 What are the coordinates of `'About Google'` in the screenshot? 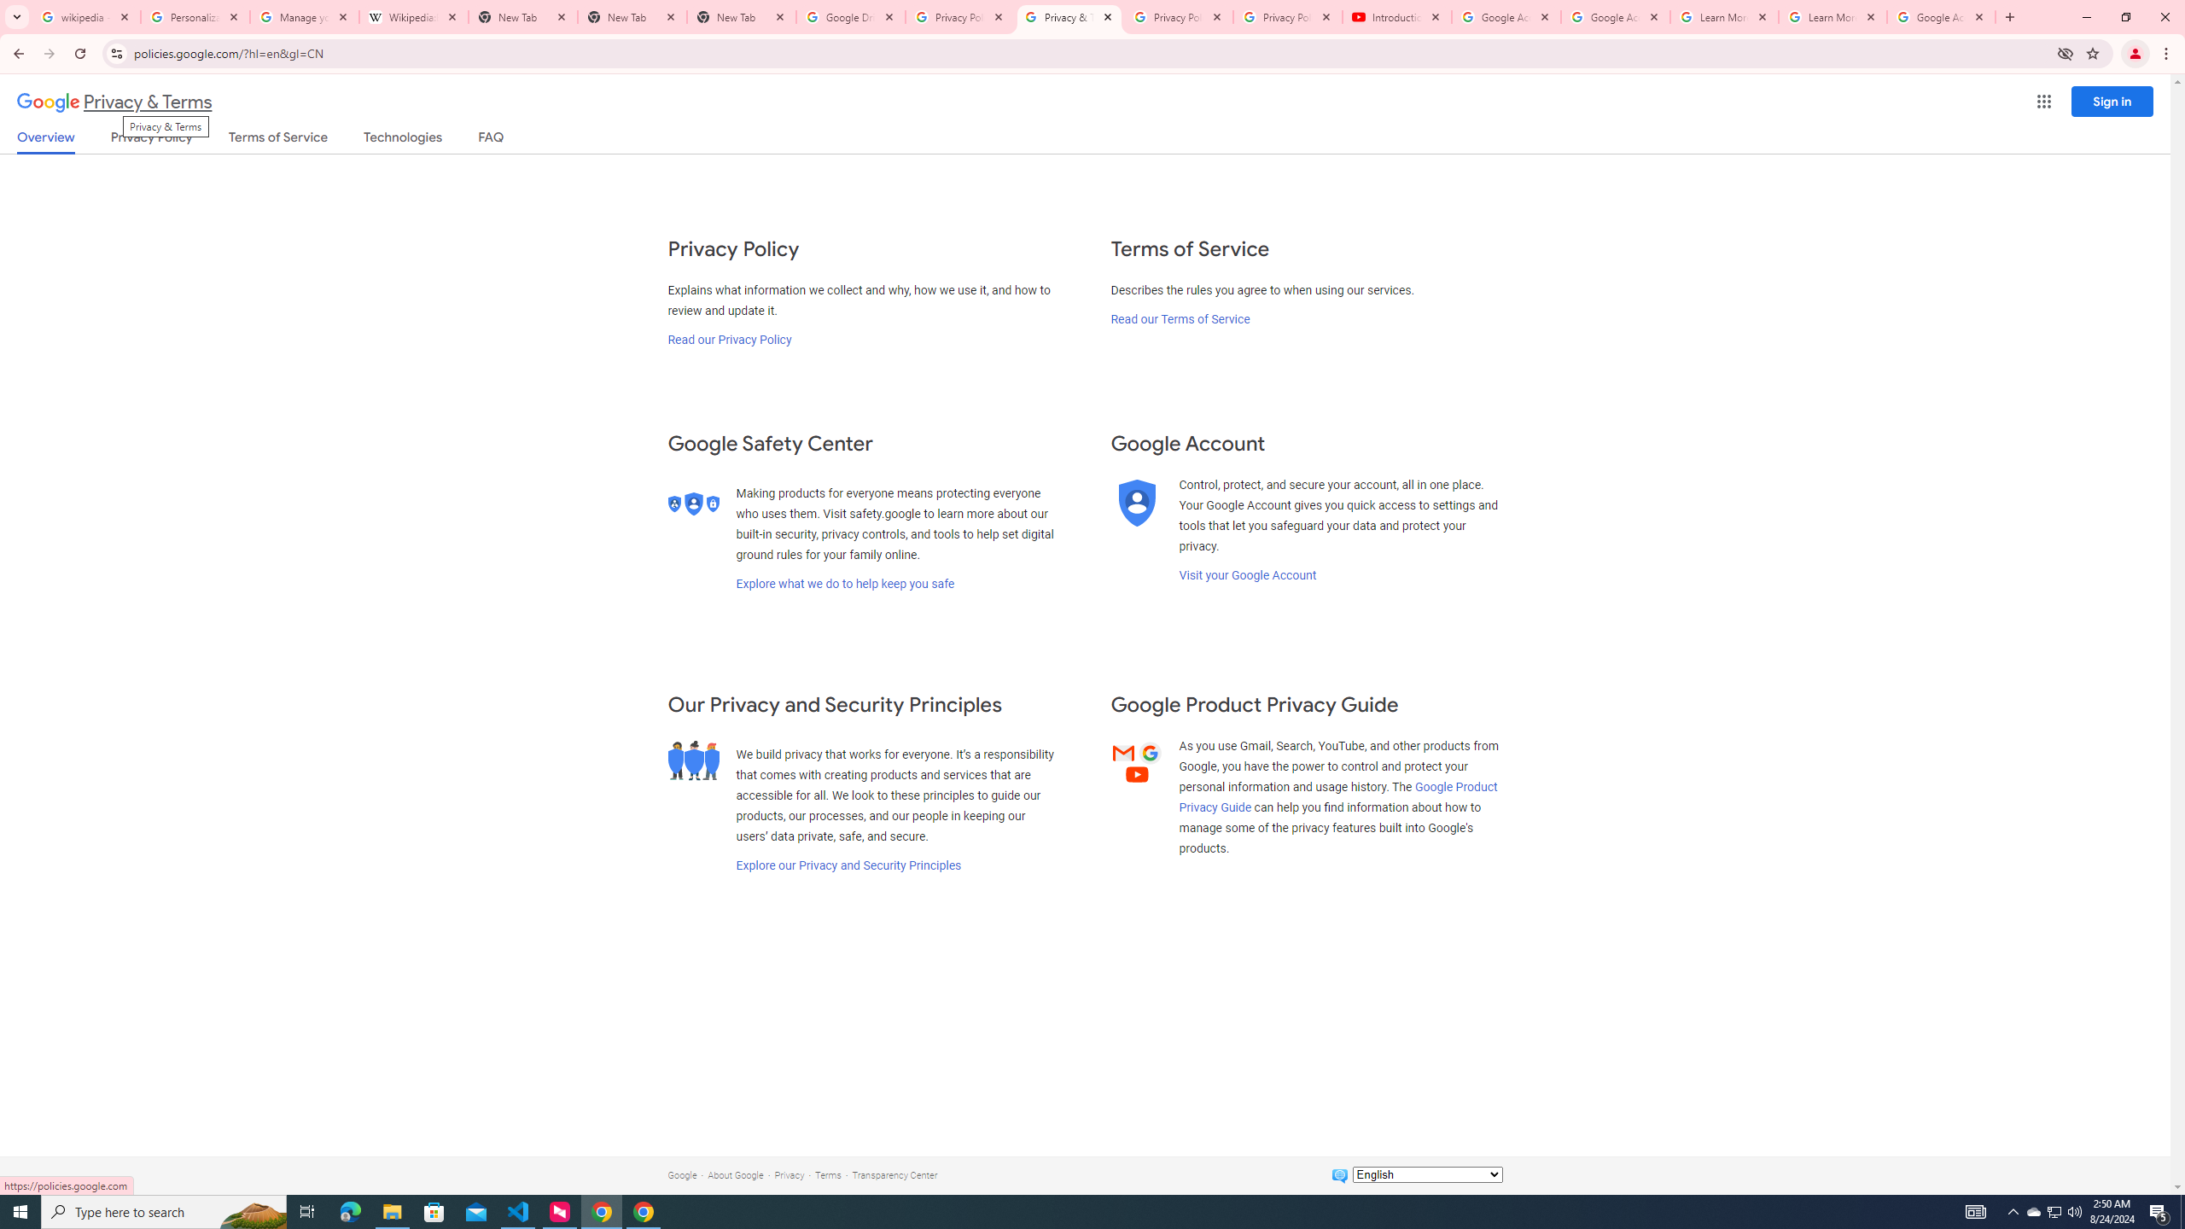 It's located at (735, 1174).